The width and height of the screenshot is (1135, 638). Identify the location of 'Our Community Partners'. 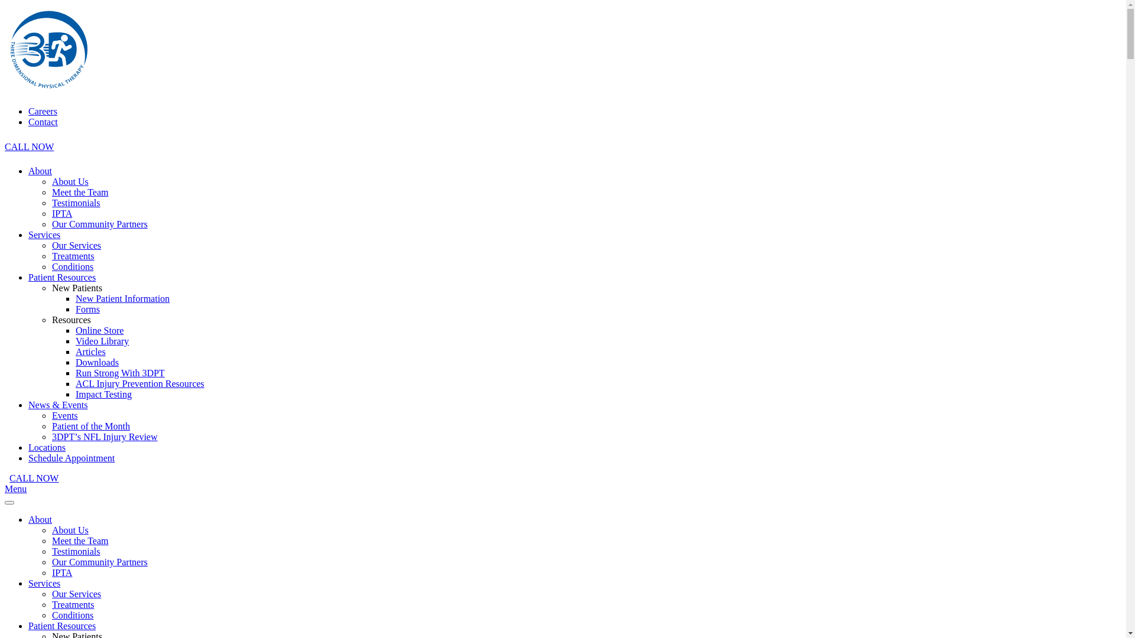
(99, 224).